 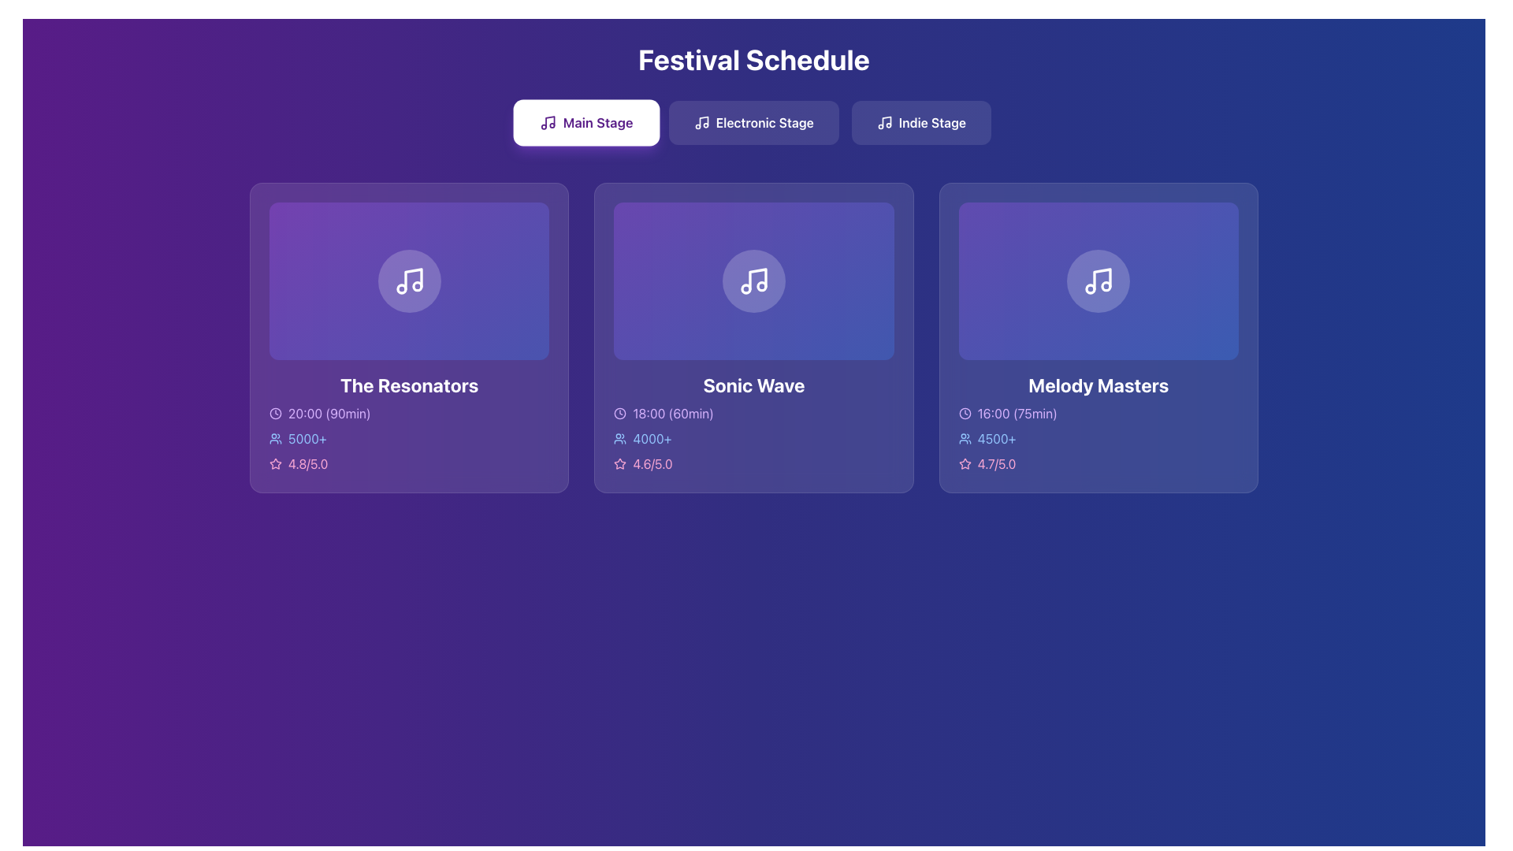 I want to click on the Decorative SVG circle that is part of the clock icon located in the additional details about the concert 'The Resonators', positioned near the time information ('20:00 (90min)'), so click(x=276, y=412).